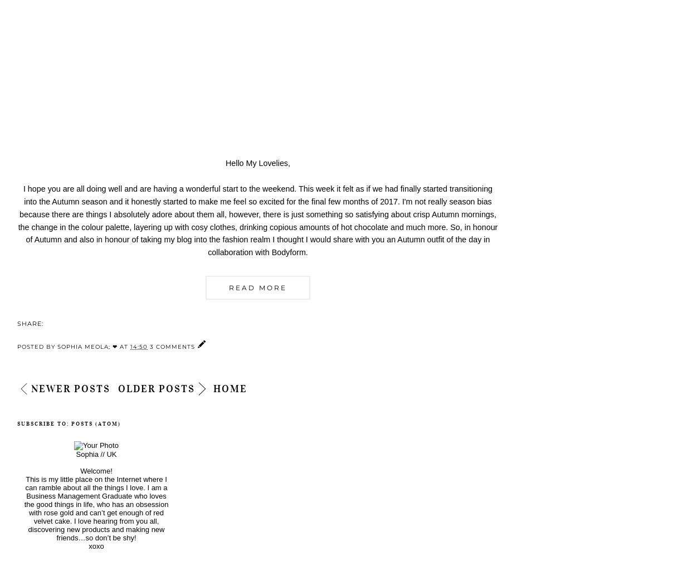 This screenshot has width=673, height=561. I want to click on 'at', so click(125, 346).